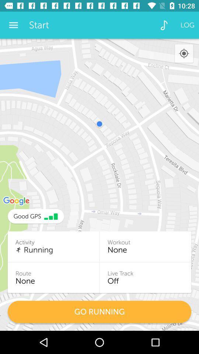 The width and height of the screenshot is (199, 354). What do you see at coordinates (164, 25) in the screenshot?
I see `the icon to the right of the start icon` at bounding box center [164, 25].